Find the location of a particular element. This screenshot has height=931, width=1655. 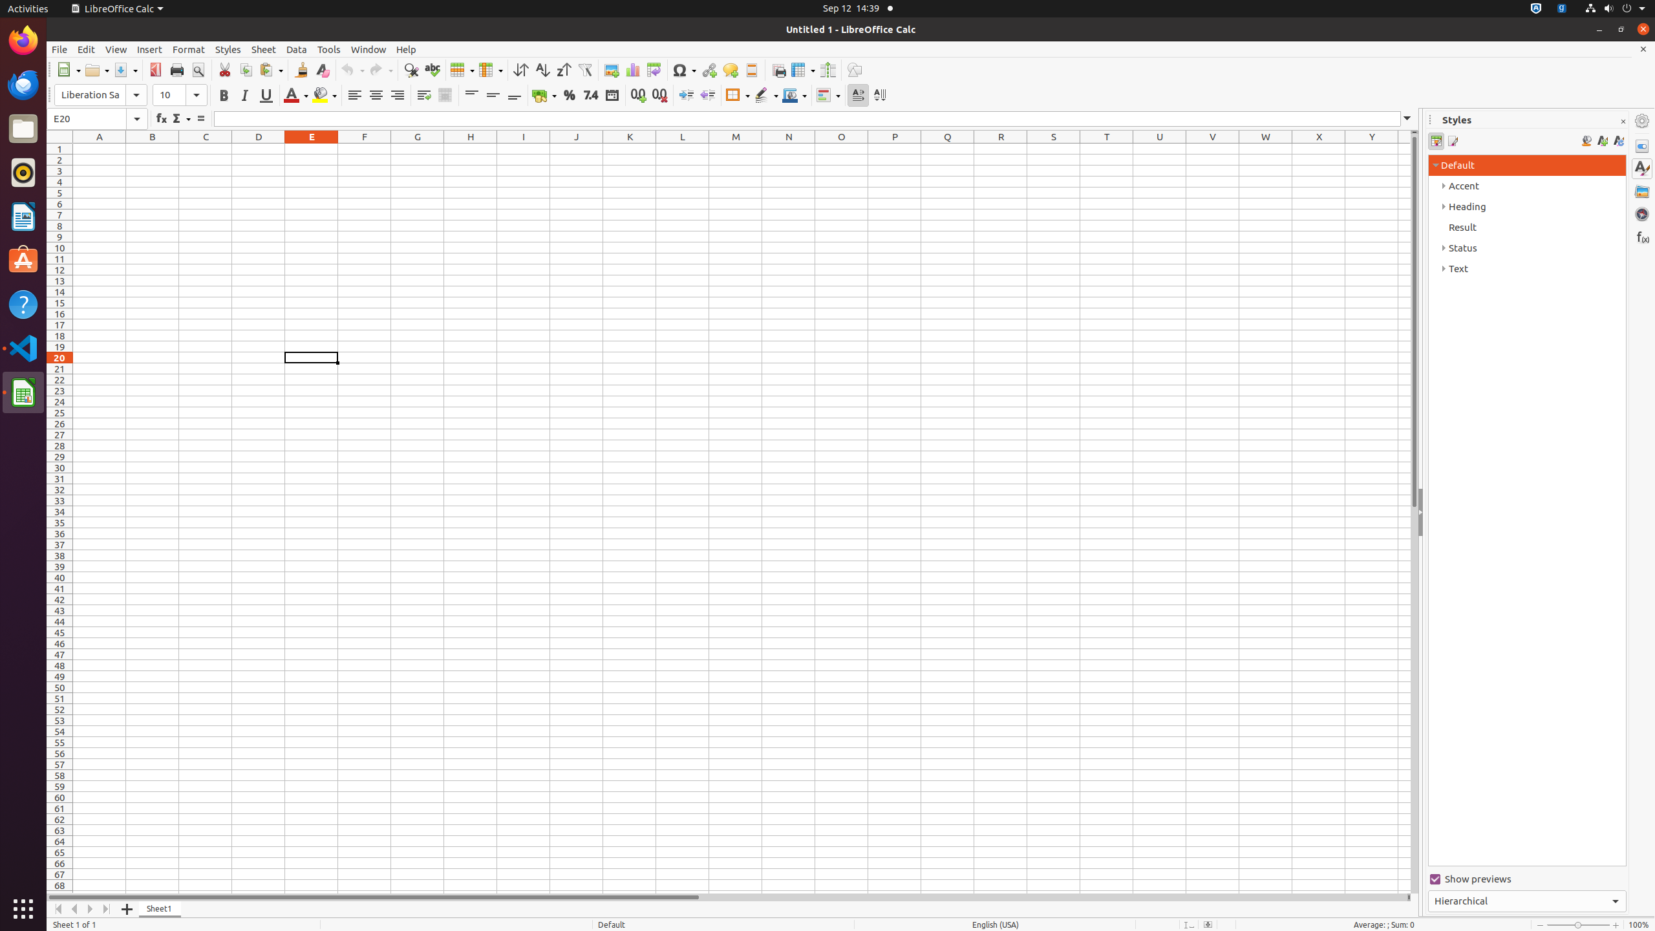

'AutoFilter' is located at coordinates (584, 69).